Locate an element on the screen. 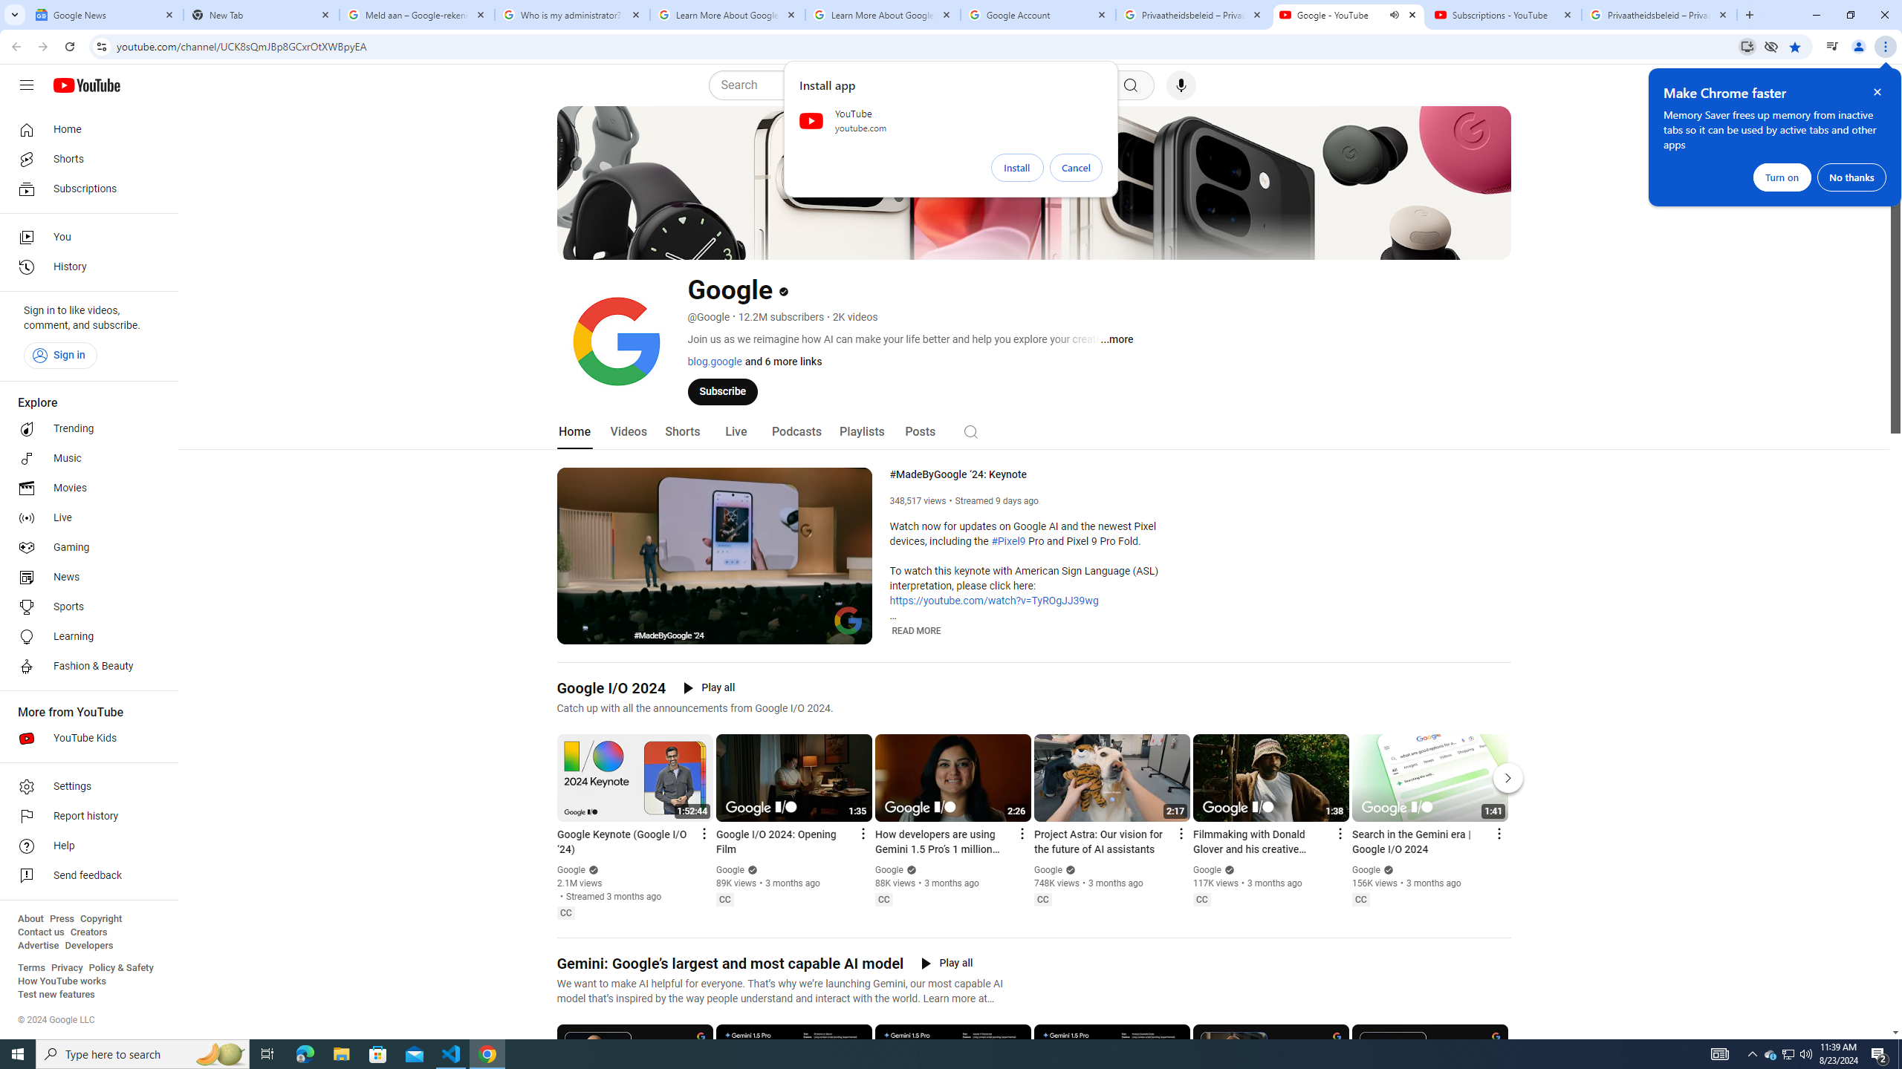 This screenshot has height=1069, width=1902. 'Guide' is located at coordinates (25, 85).